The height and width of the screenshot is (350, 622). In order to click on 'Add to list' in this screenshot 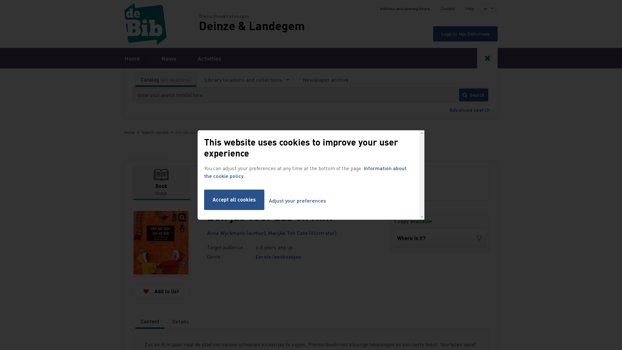, I will do `click(161, 291)`.